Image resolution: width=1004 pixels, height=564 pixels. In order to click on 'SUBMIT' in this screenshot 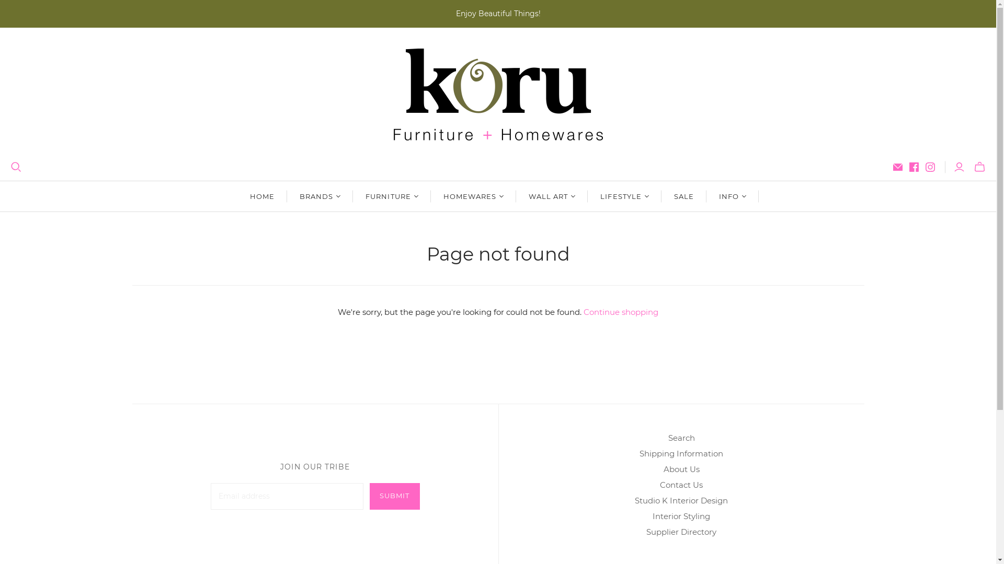, I will do `click(394, 496)`.